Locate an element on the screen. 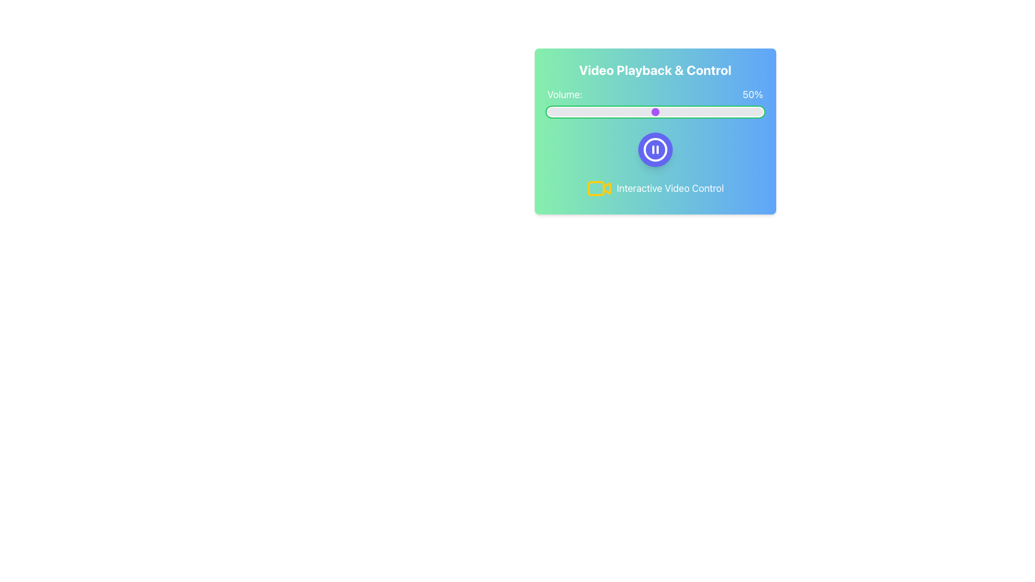 Image resolution: width=1035 pixels, height=582 pixels. the volume is located at coordinates (698, 112).